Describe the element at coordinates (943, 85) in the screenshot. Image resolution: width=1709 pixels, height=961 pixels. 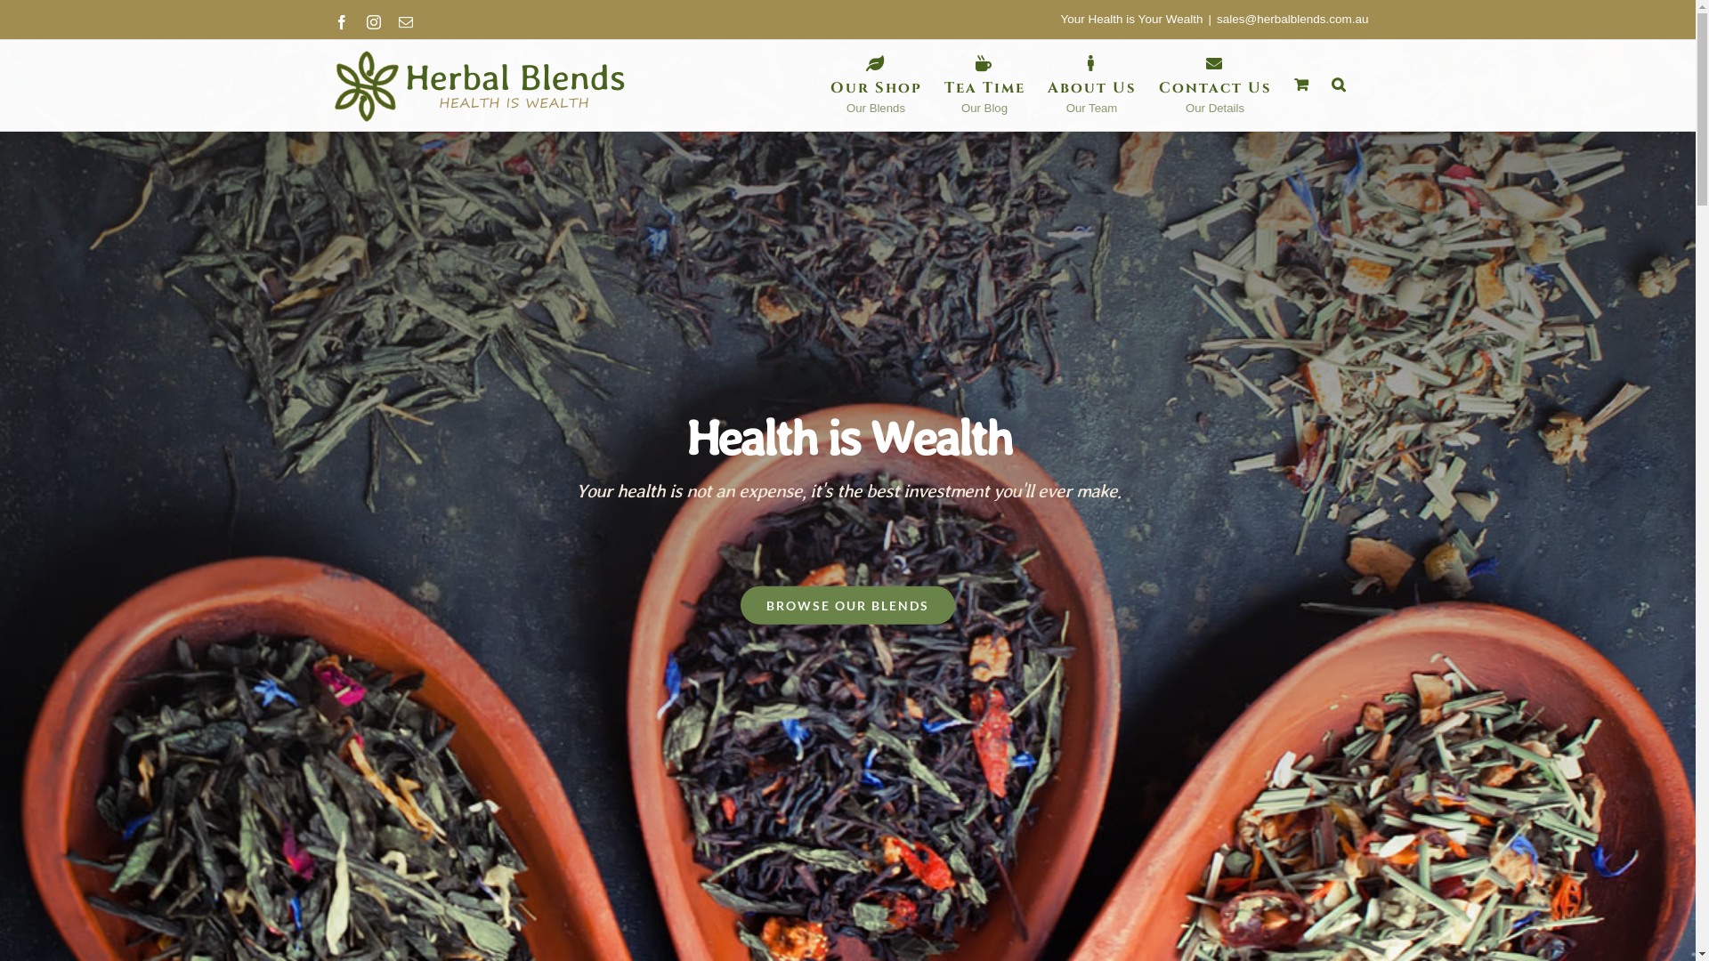
I see `'Tea Time` at that location.